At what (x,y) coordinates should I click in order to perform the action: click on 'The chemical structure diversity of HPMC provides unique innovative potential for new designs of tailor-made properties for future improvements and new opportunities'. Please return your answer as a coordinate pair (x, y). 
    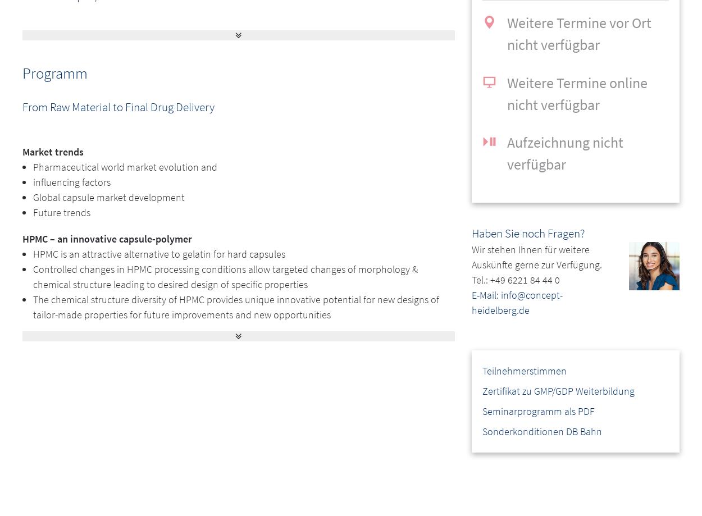
    Looking at the image, I should click on (33, 305).